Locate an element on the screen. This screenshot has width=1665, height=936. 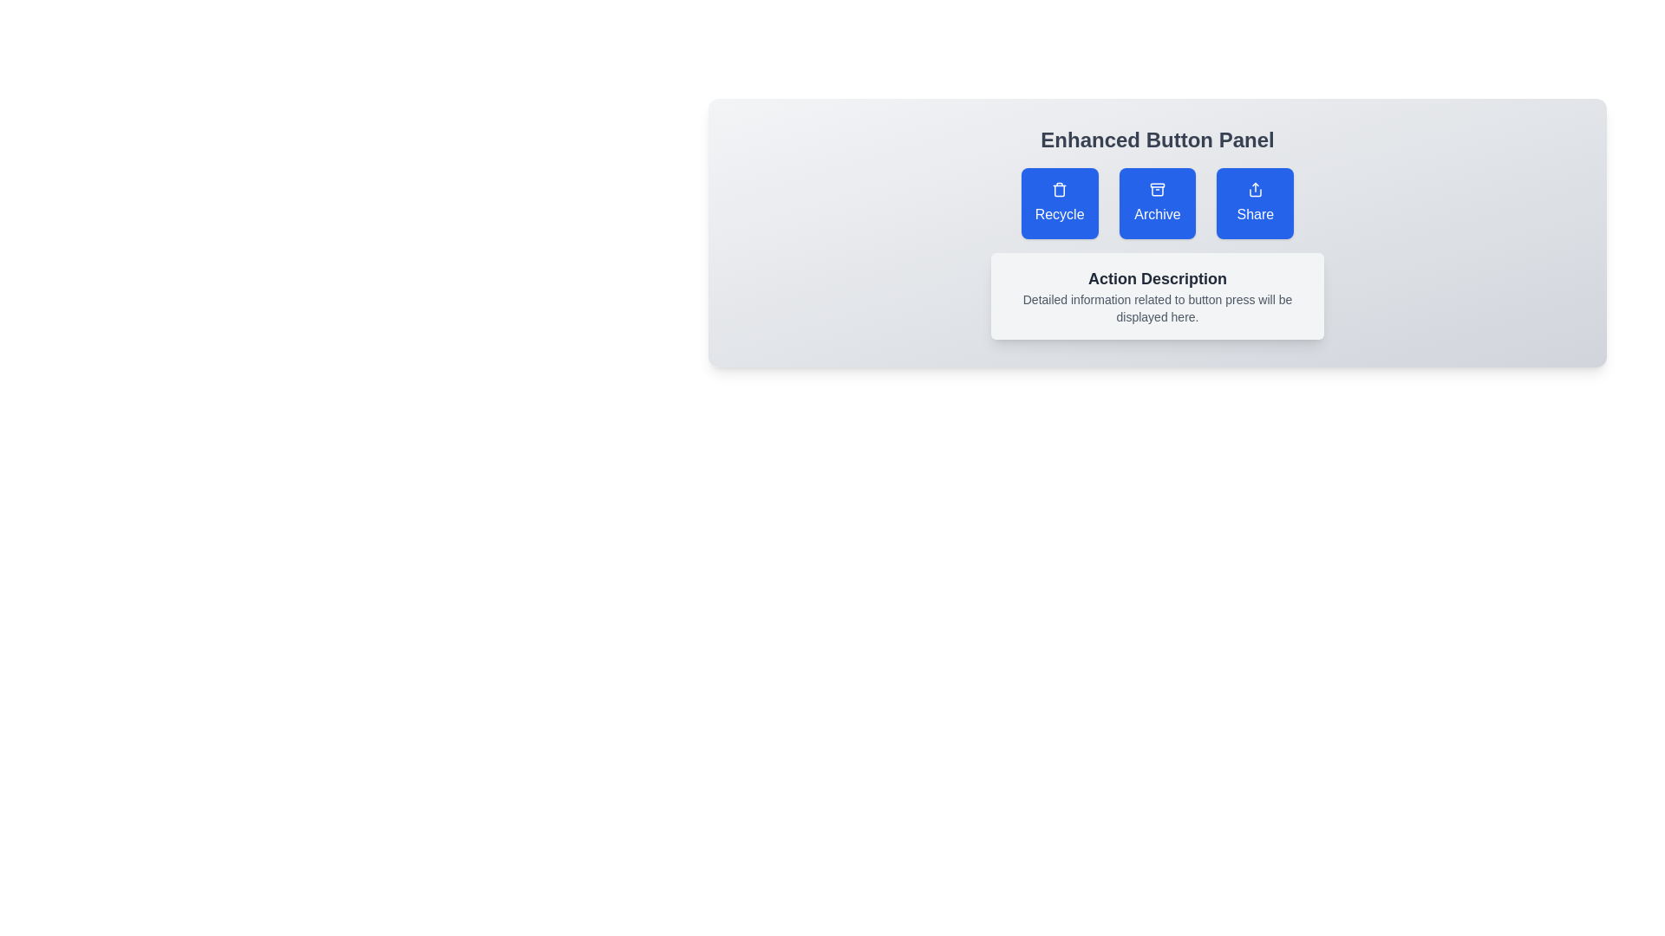
the Archive icon, which is centered within the second button from the left in the horizontal layout of buttons marked 'Recycle,' 'Archive,' and 'Share.' is located at coordinates (1157, 190).